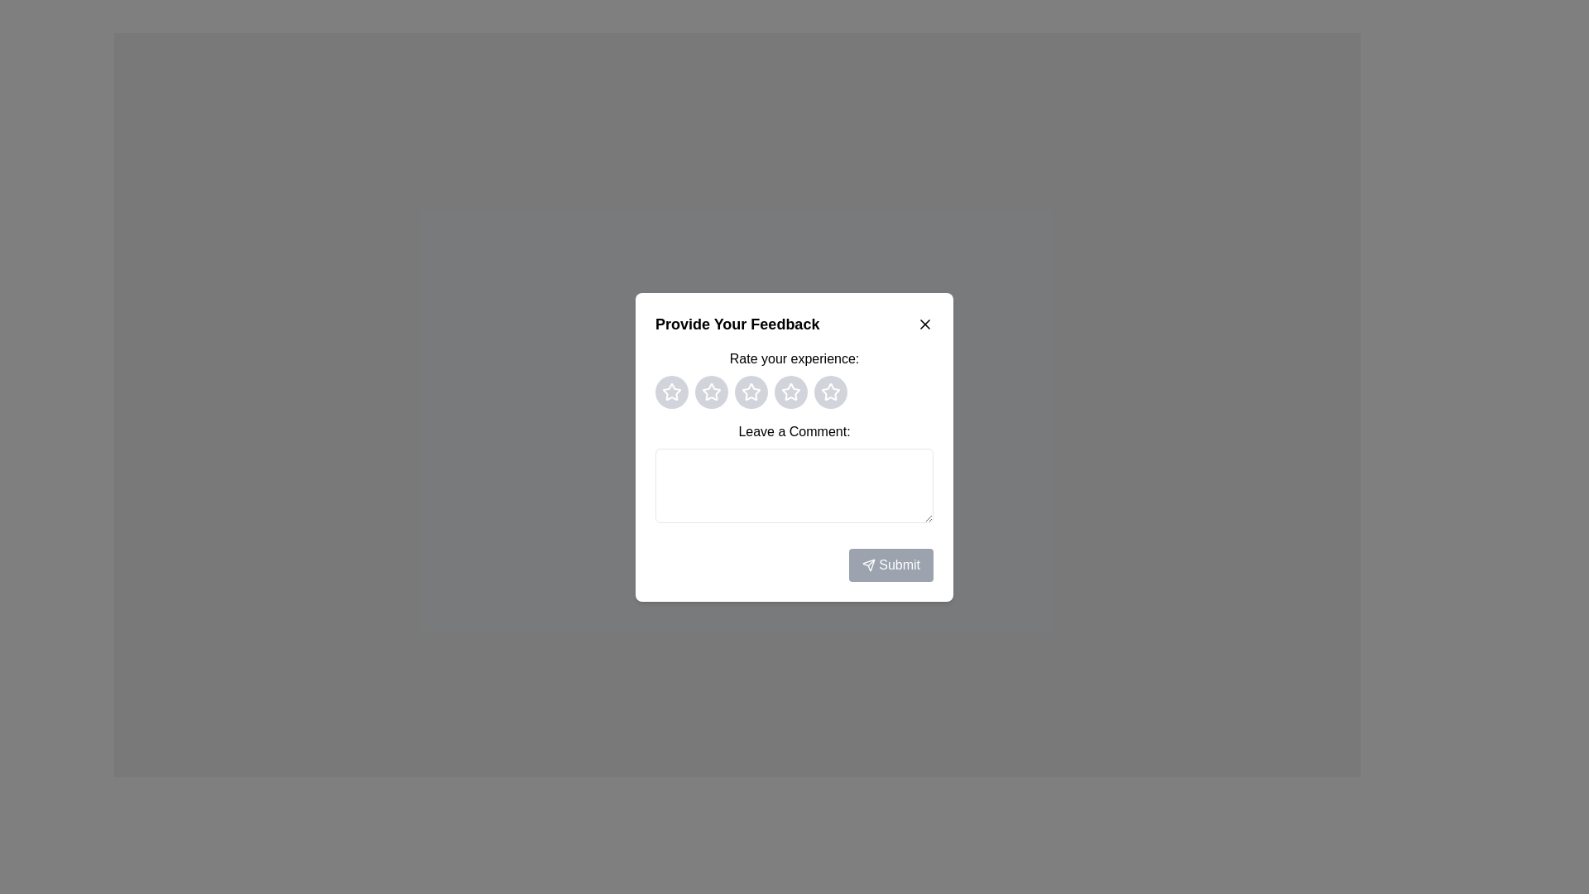 This screenshot has width=1589, height=894. I want to click on the instructional text label located in the 'Provide Your Feedback' dialog box, so click(794, 358).